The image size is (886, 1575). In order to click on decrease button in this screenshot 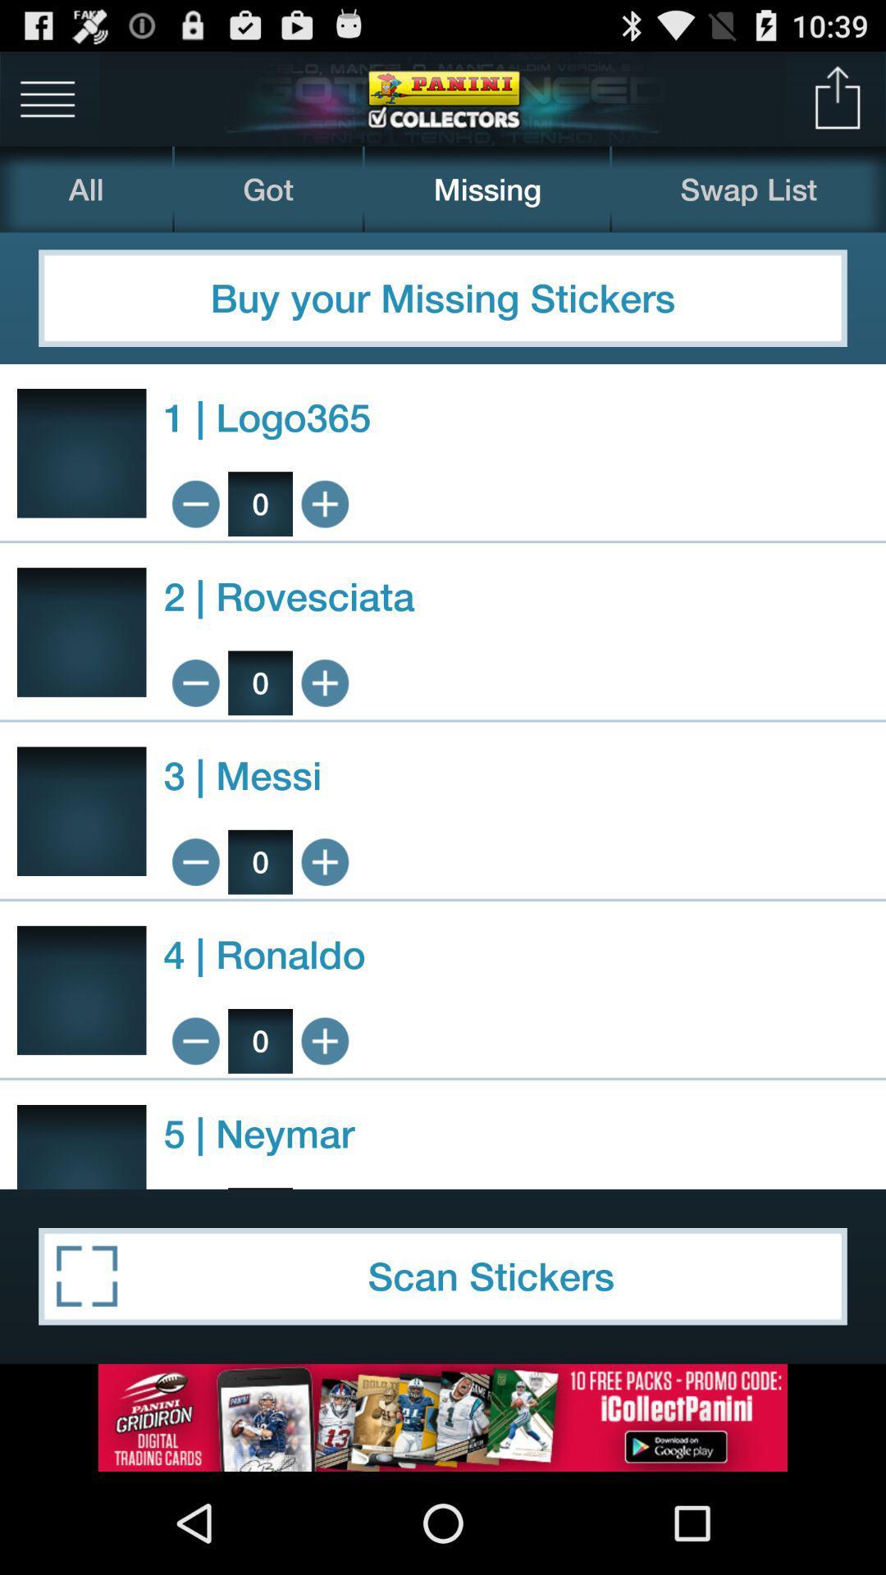, I will do `click(194, 682)`.